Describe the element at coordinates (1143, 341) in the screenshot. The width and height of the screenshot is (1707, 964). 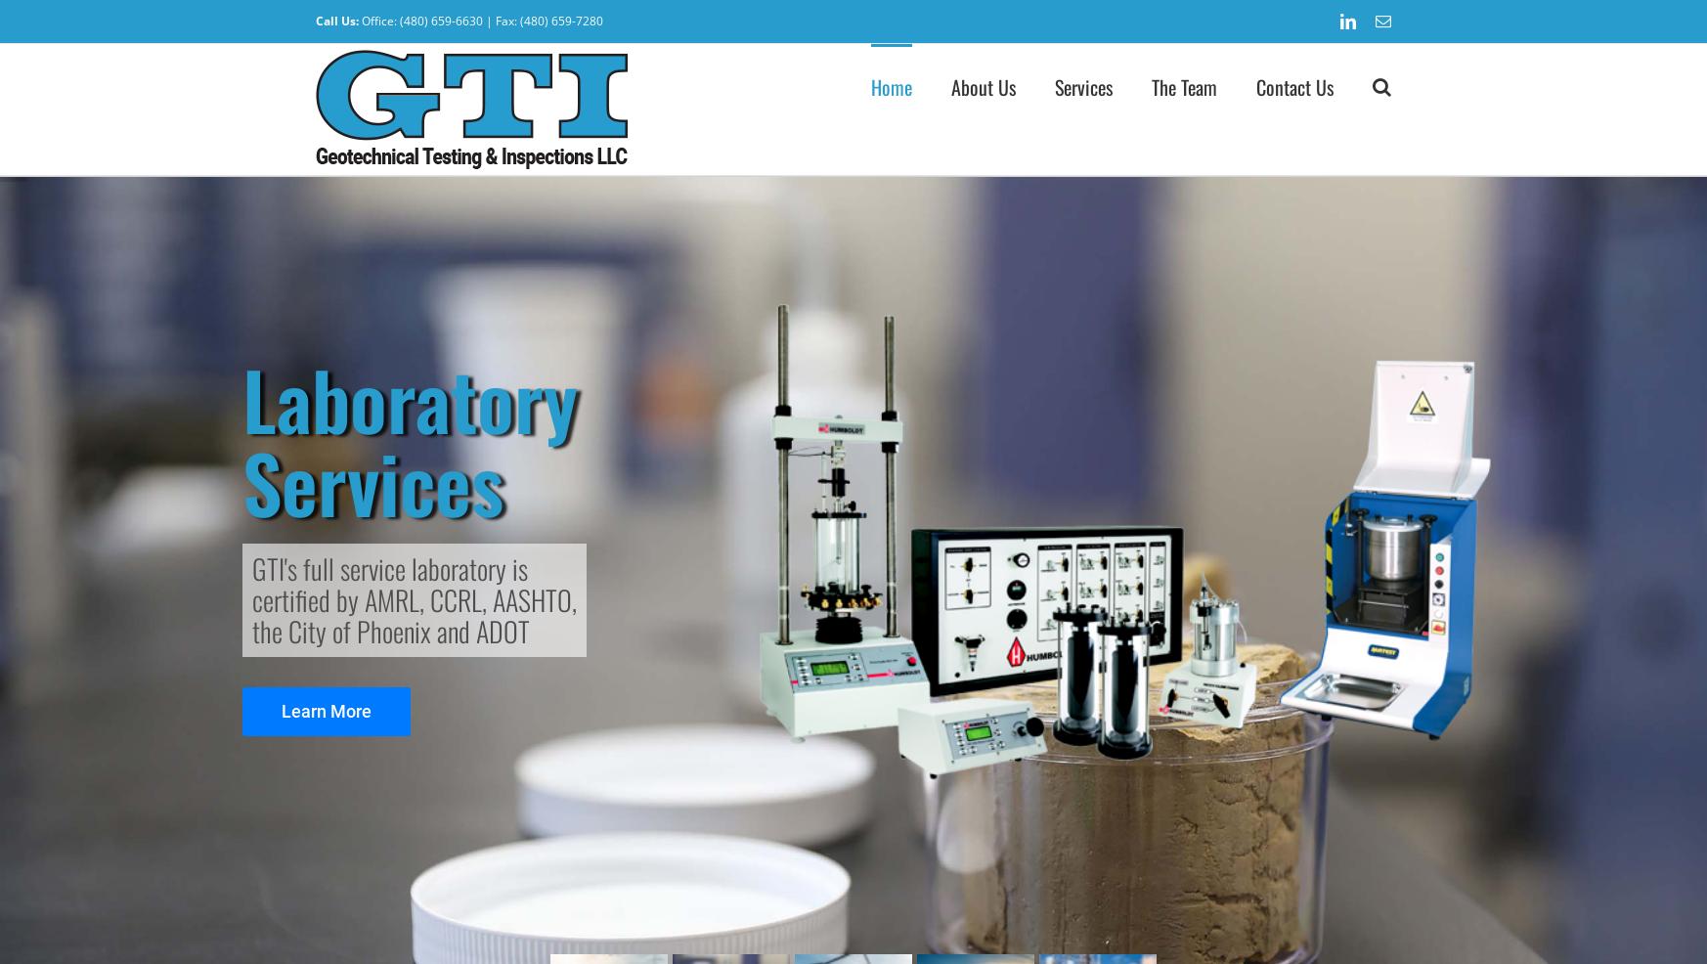
I see `'Drone Video Services'` at that location.